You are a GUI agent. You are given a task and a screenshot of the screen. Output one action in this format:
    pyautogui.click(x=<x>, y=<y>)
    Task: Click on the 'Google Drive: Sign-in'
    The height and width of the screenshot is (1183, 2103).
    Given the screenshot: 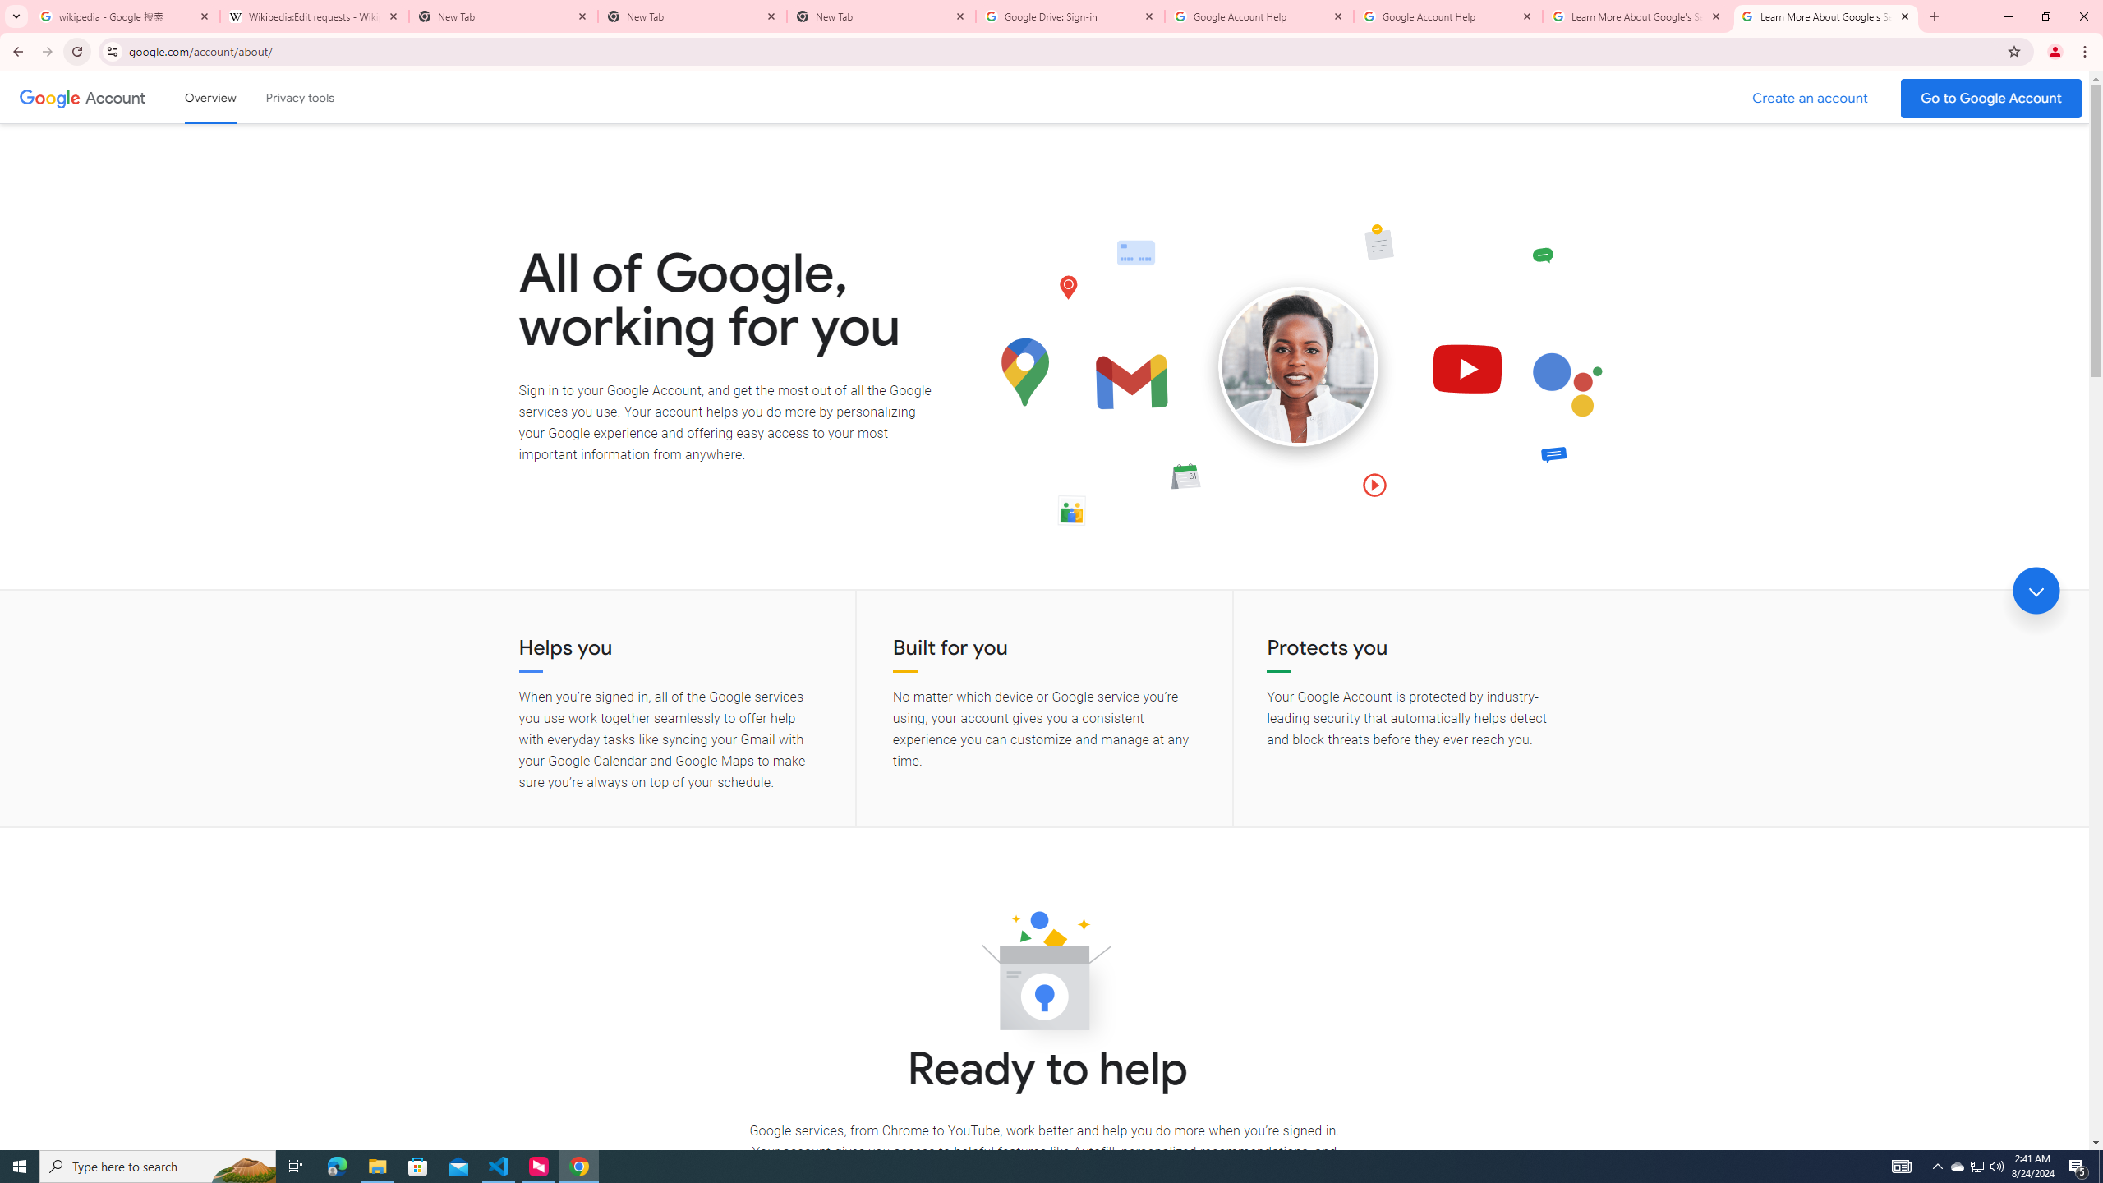 What is the action you would take?
    pyautogui.click(x=1070, y=16)
    